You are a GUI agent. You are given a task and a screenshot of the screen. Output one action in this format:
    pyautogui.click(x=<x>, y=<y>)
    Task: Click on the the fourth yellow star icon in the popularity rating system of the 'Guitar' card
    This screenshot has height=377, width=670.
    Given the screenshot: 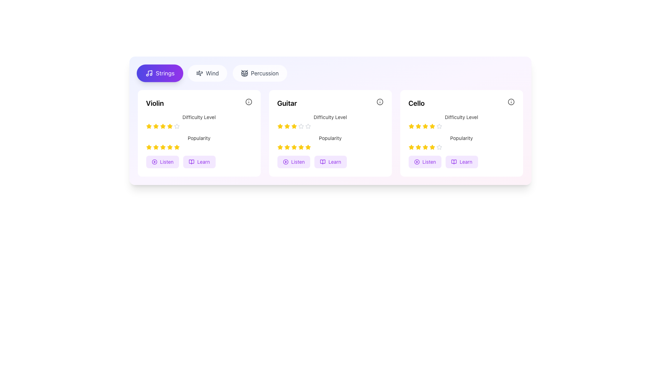 What is the action you would take?
    pyautogui.click(x=301, y=147)
    